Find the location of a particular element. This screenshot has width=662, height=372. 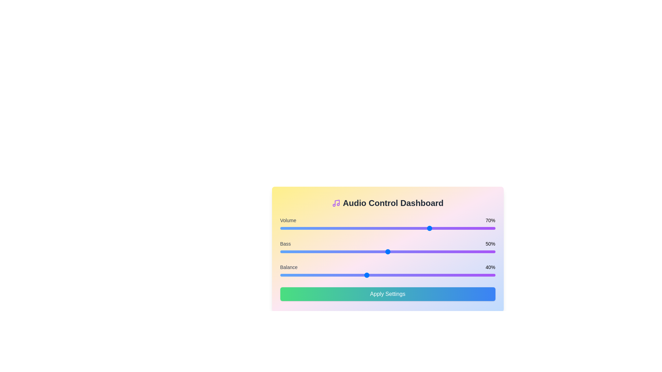

the Text Label indicating the current value of the 'Volume' slider, which shows that the slider is set at 70% is located at coordinates (490, 220).